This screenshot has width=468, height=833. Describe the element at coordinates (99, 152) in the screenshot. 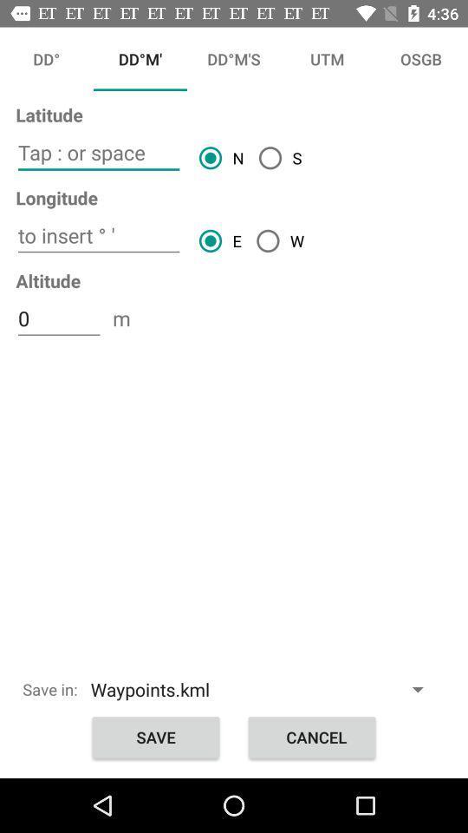

I see `details` at that location.